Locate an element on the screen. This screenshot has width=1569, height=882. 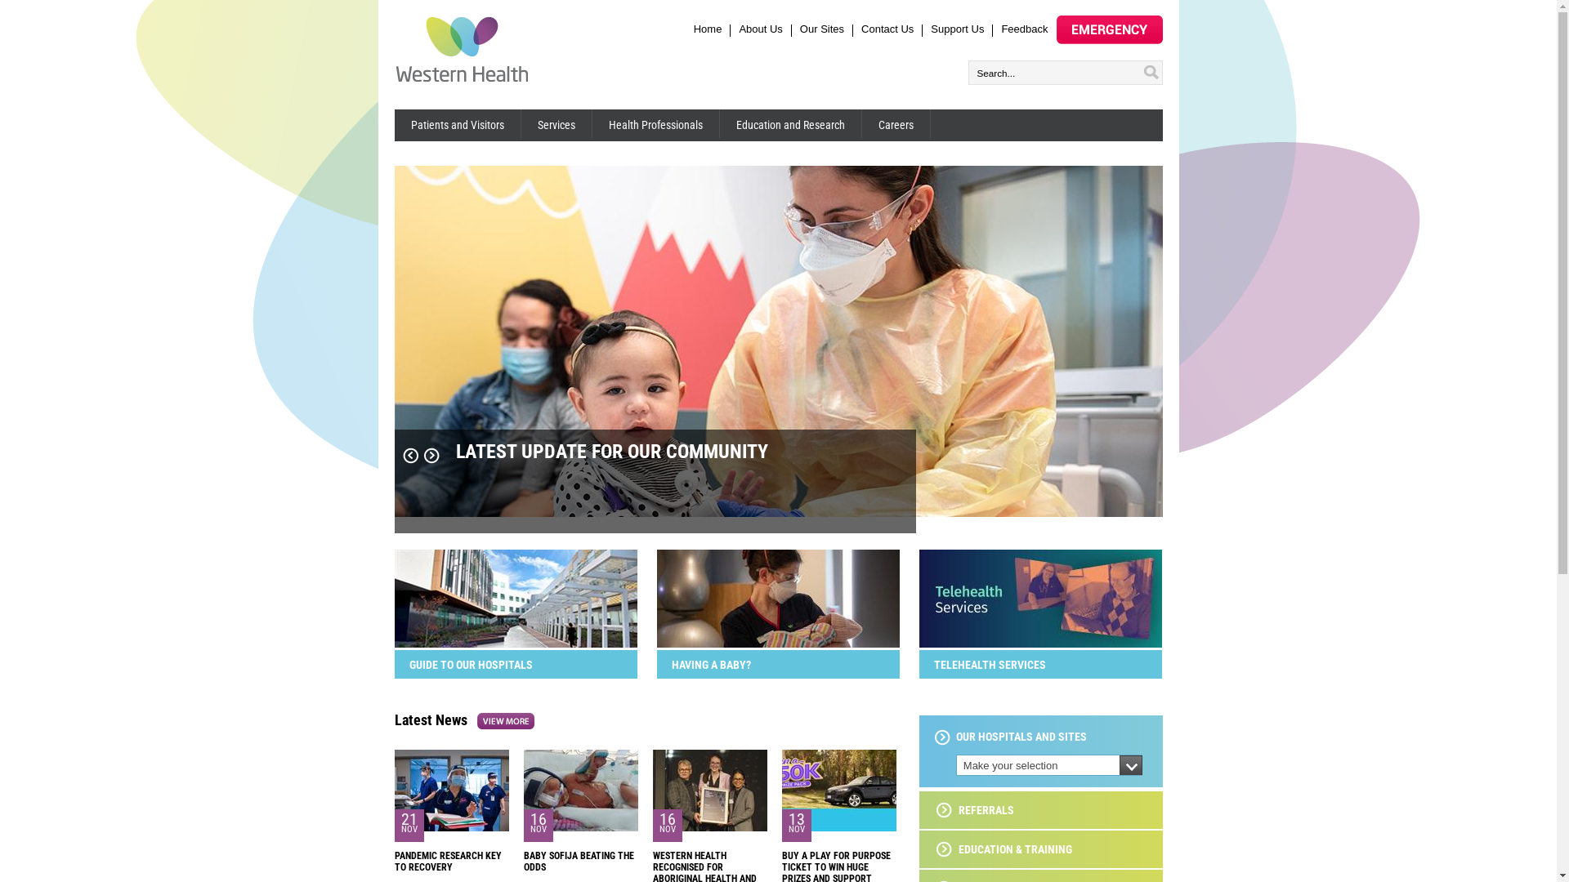
'Our Sites' is located at coordinates (822, 29).